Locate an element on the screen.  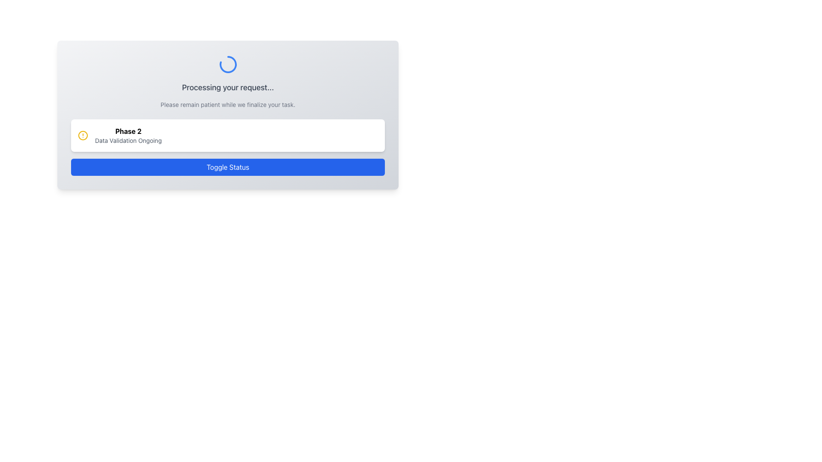
the visual status of the Alert Indicator icon located to the left of the text 'Phase 2' and above 'Data Validation Ongoing' is located at coordinates (83, 135).